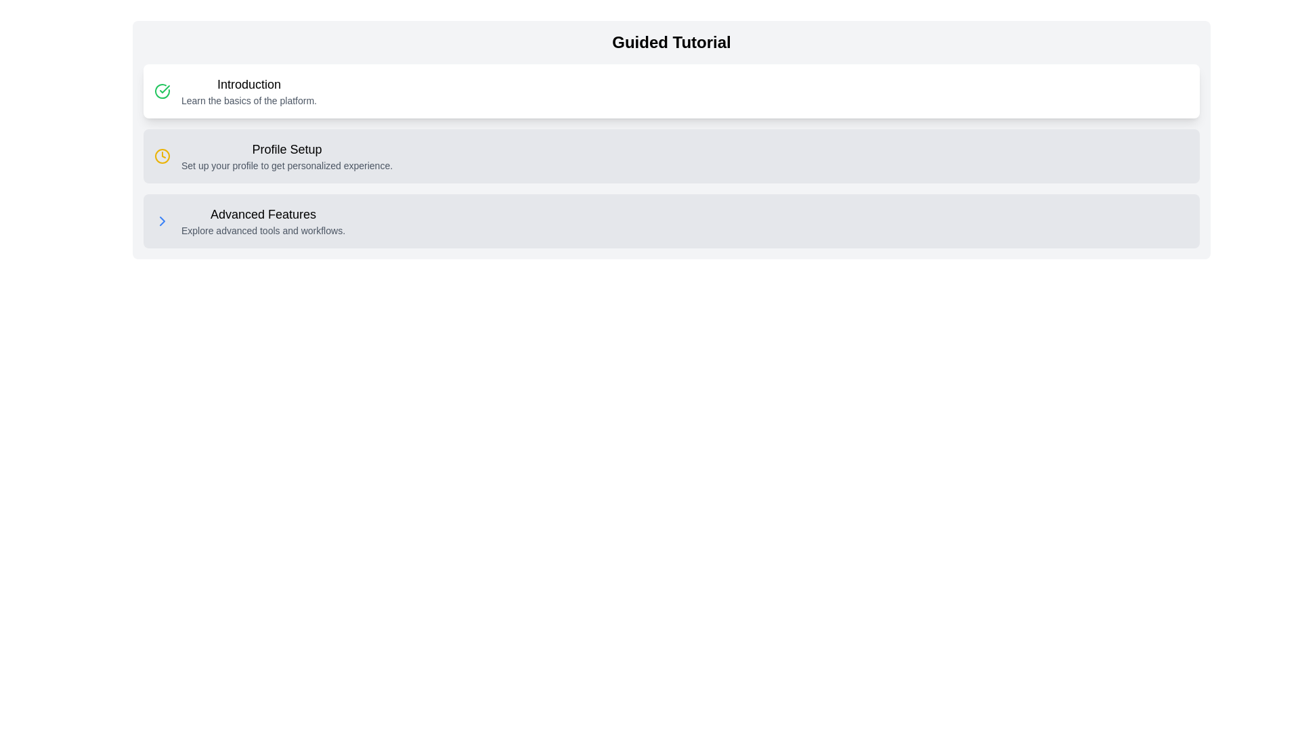 Image resolution: width=1300 pixels, height=731 pixels. I want to click on the header text label in the third section of the guided tutorial interface, which provides a concise description of the section's purpose, so click(263, 213).